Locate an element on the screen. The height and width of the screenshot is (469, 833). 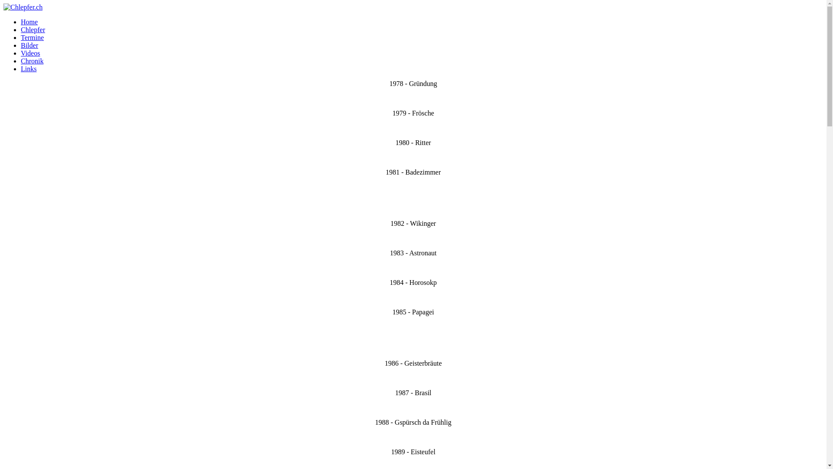
'Bilder' is located at coordinates (29, 45).